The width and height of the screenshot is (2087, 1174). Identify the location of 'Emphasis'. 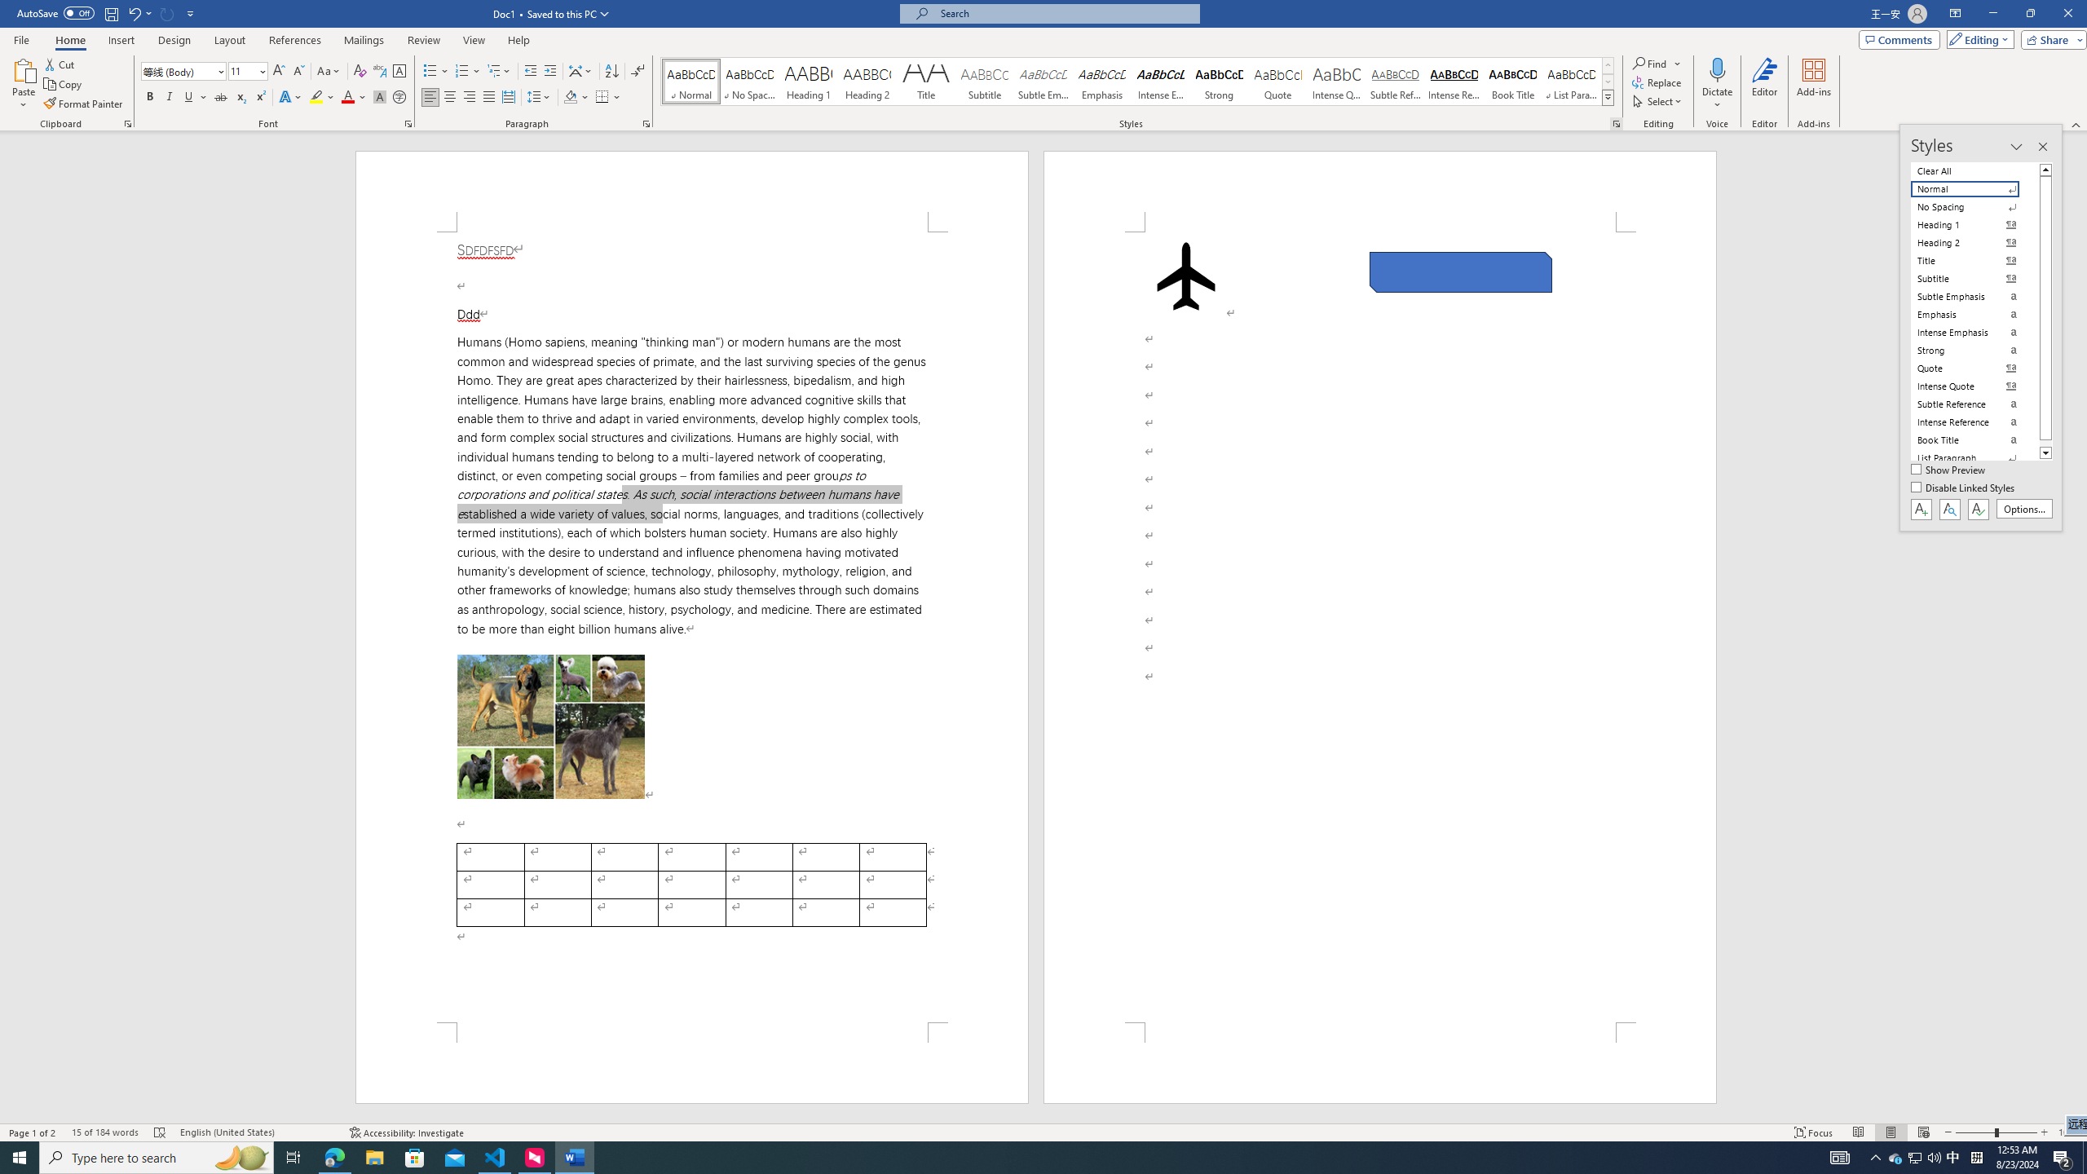
(1101, 81).